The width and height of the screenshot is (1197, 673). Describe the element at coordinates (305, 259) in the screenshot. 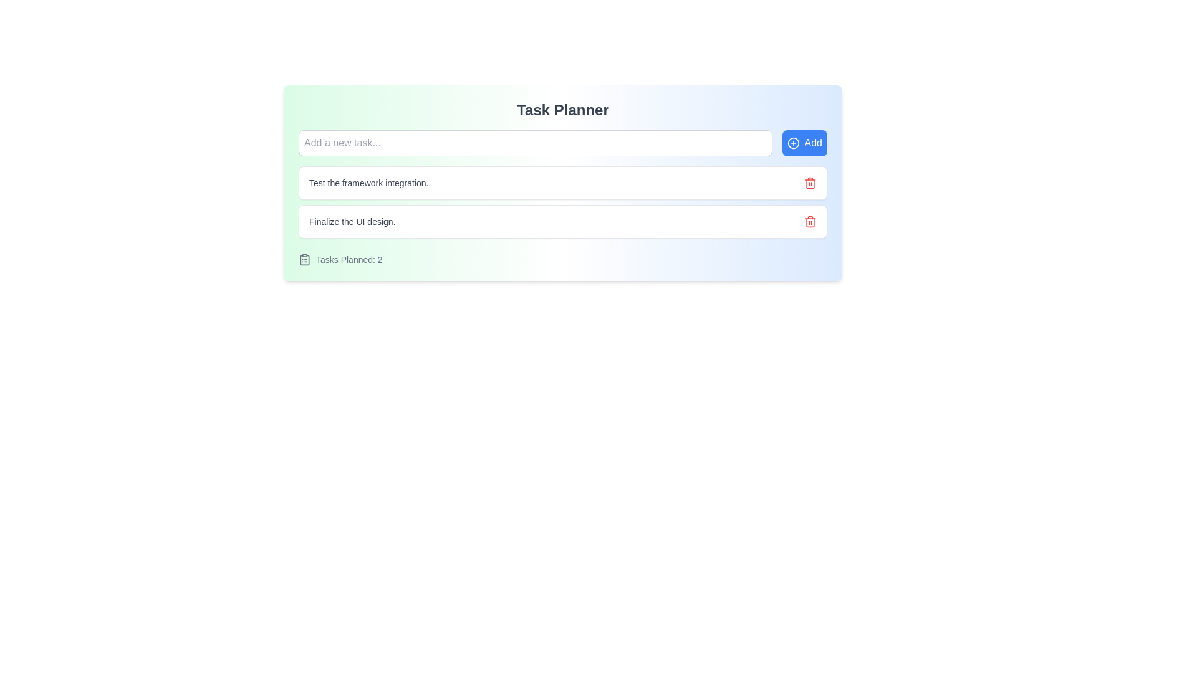

I see `the clipboard icon styled with a minimalistic design located to the left of 'Tasks Planned: 2' in the 'Task Planner' card` at that location.